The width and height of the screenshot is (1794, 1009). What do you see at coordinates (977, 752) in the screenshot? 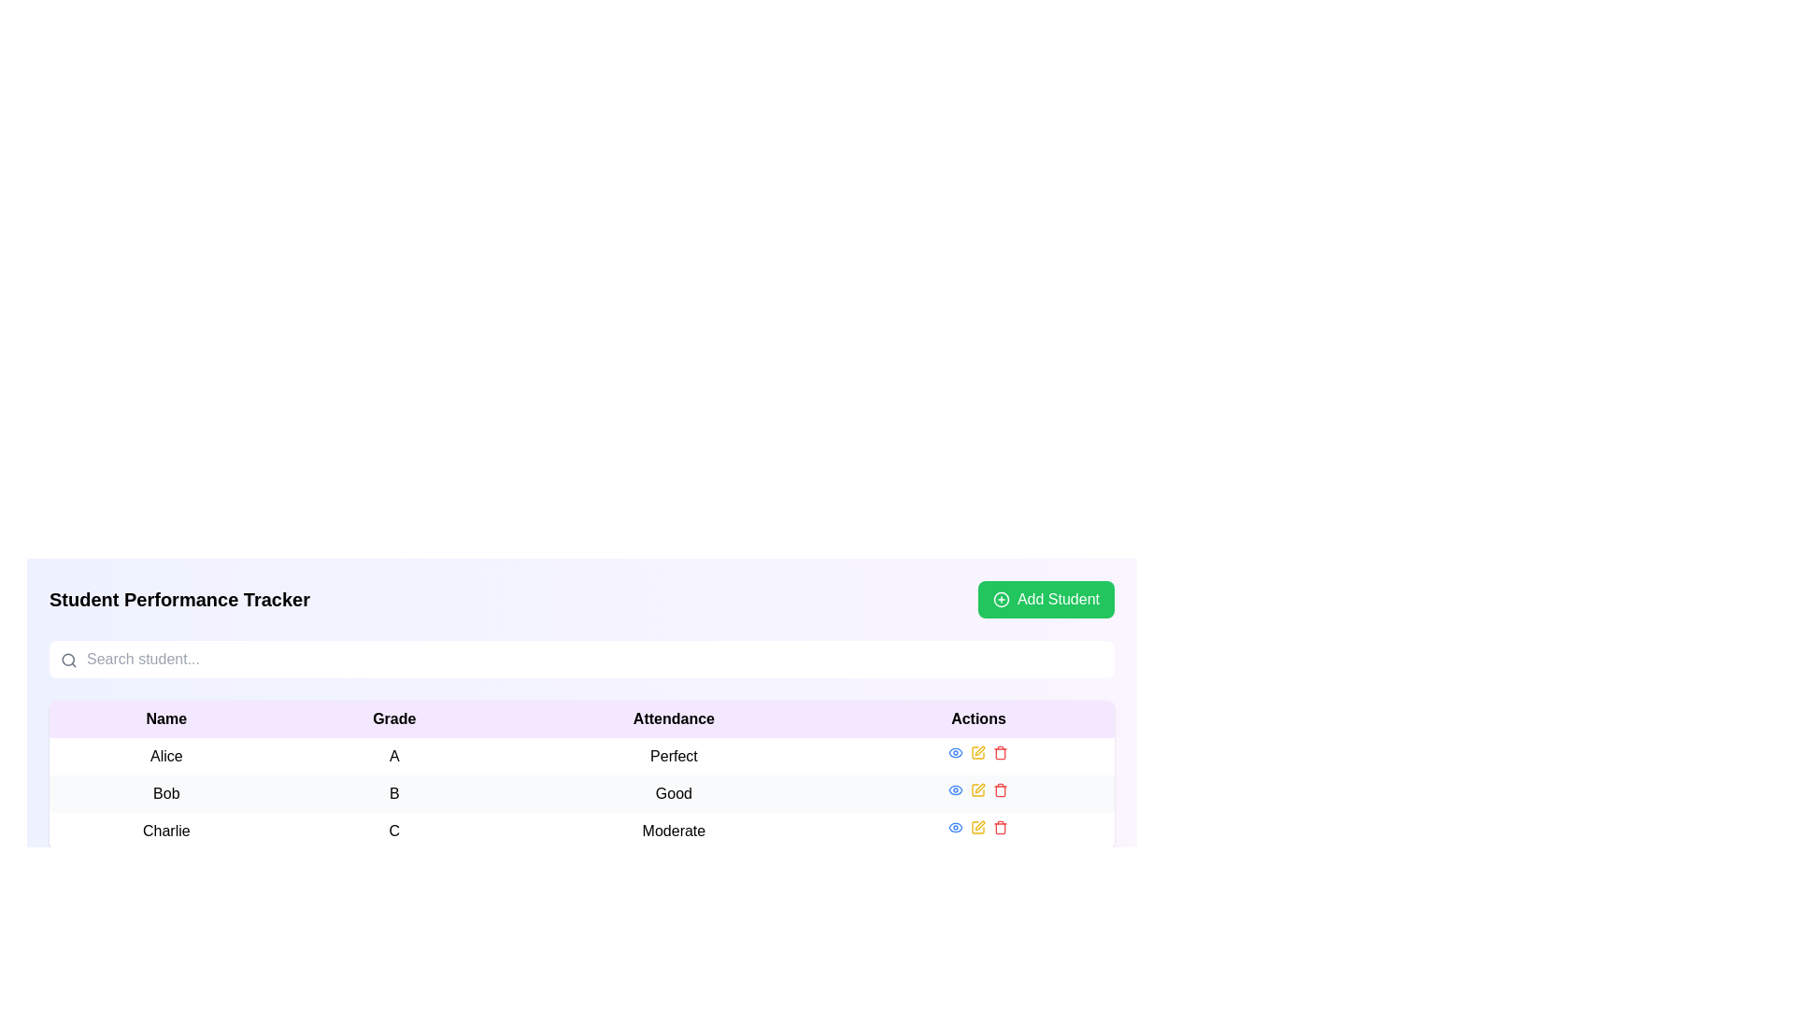
I see `the Row action controls for the entry 'Alice' in the table, which includes icons for viewing, editing, and deleting actions` at bounding box center [977, 752].